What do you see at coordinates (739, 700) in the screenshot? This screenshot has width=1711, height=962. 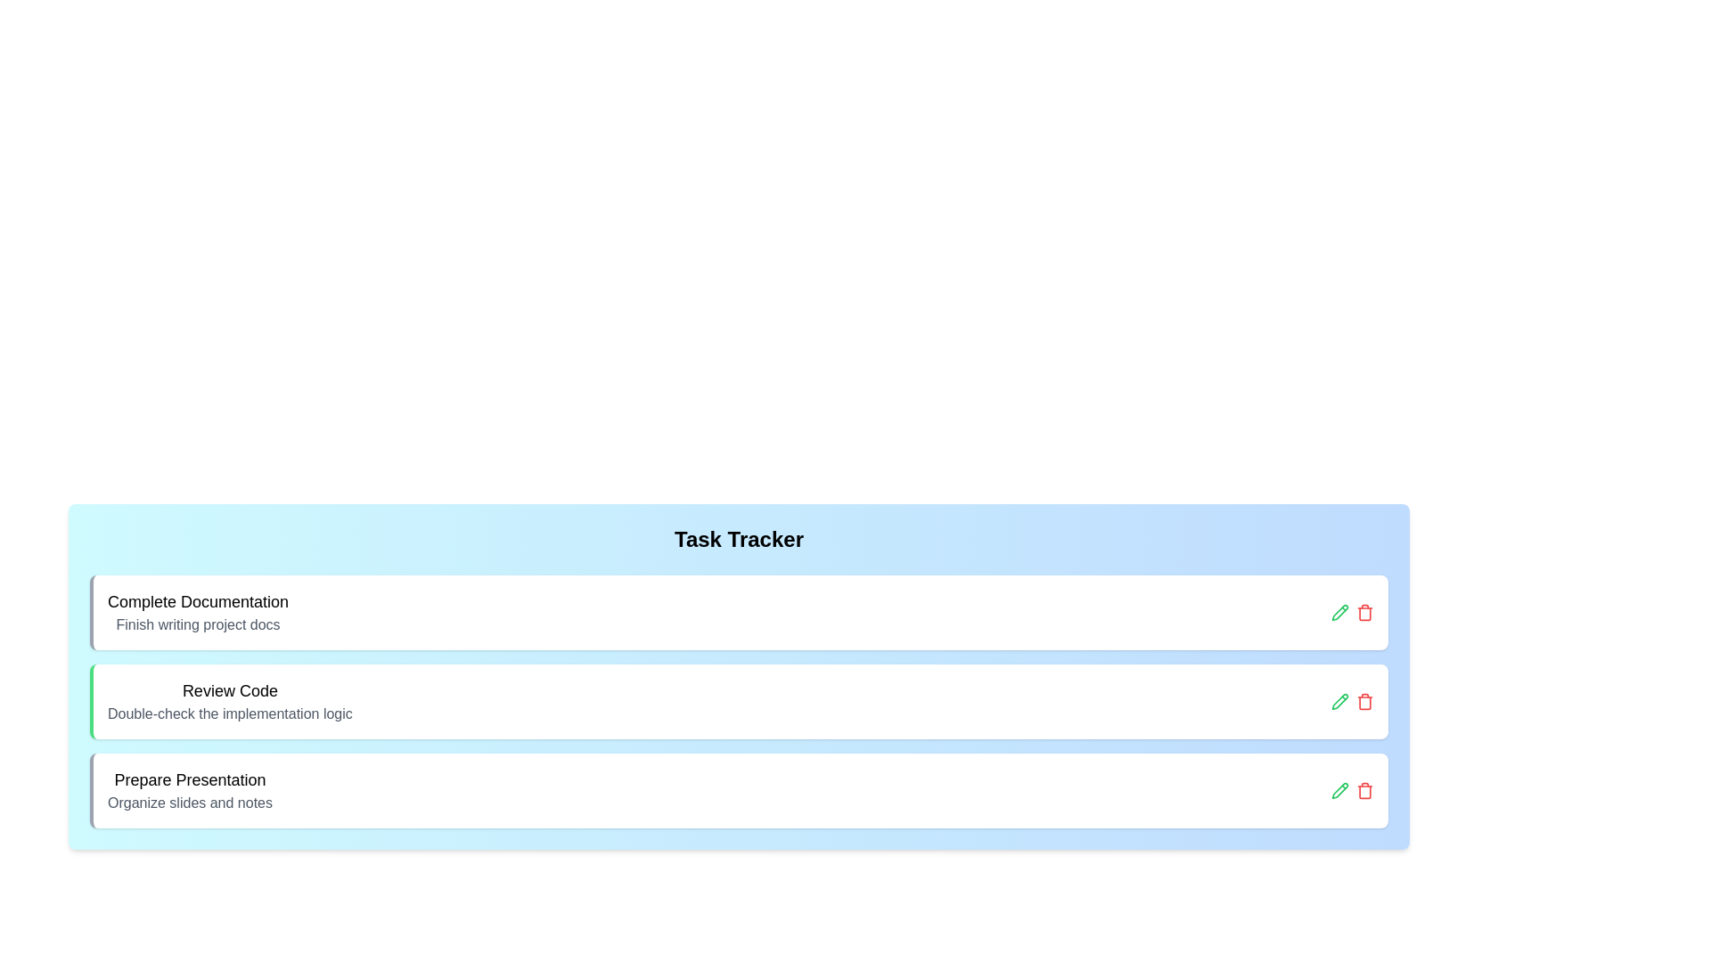 I see `the task Review Code to view the hover effect` at bounding box center [739, 700].